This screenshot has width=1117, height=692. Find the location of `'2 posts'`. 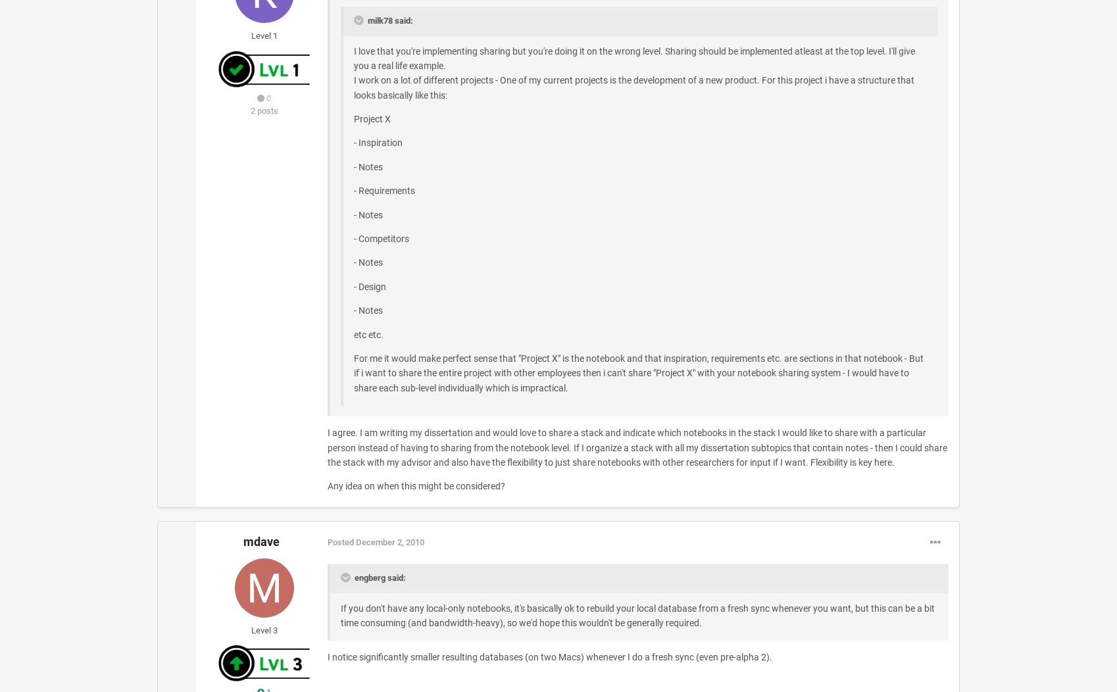

'2 posts' is located at coordinates (264, 110).